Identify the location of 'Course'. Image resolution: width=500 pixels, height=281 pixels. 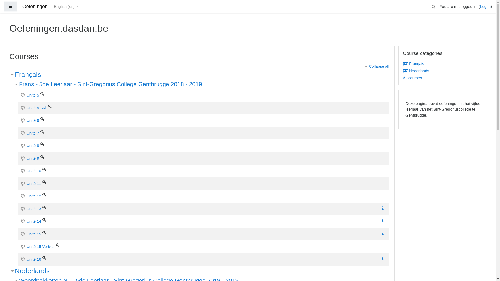
(405, 70).